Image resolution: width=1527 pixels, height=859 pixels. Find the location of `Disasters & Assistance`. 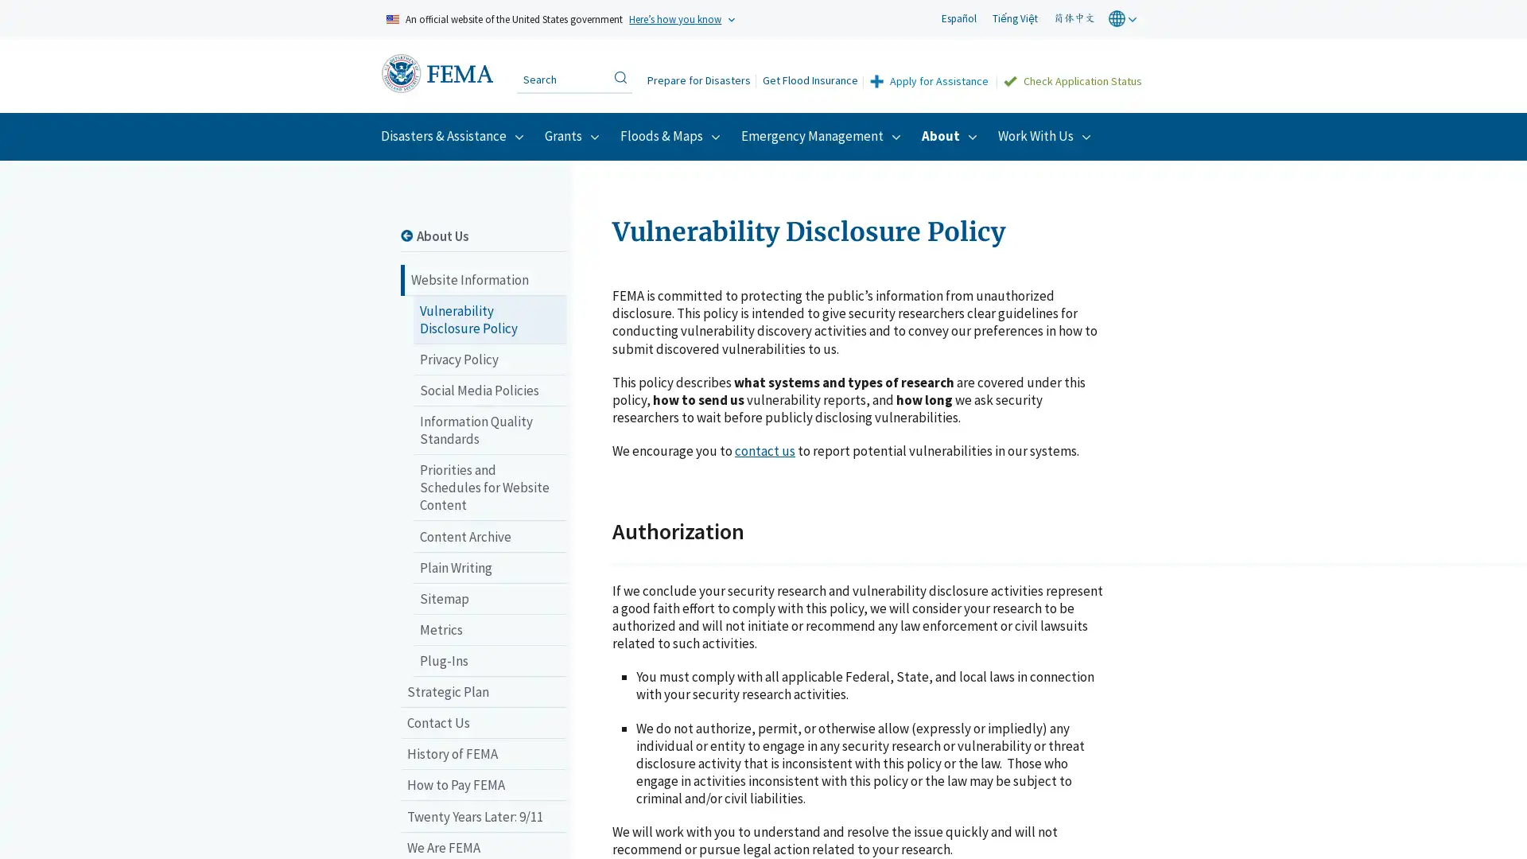

Disasters & Assistance is located at coordinates (453, 134).